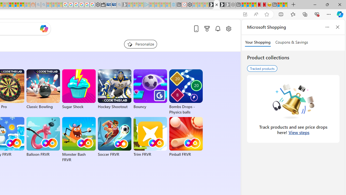  I want to click on 'Wildlife - MSN', so click(280, 5).